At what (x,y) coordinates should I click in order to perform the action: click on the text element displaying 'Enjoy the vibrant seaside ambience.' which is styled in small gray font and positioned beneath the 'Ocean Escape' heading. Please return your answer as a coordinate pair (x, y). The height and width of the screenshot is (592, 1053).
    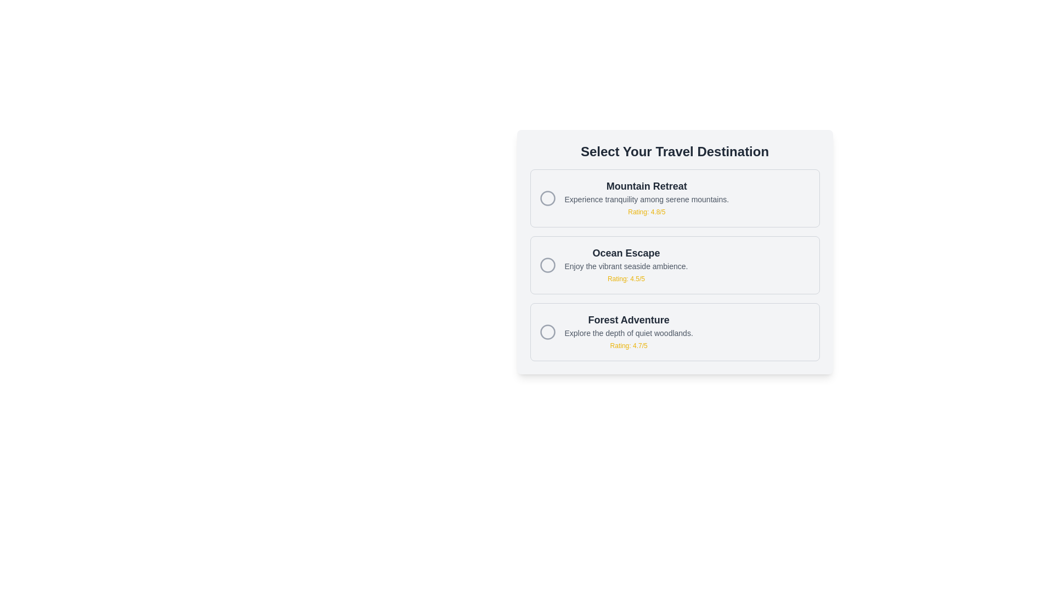
    Looking at the image, I should click on (626, 266).